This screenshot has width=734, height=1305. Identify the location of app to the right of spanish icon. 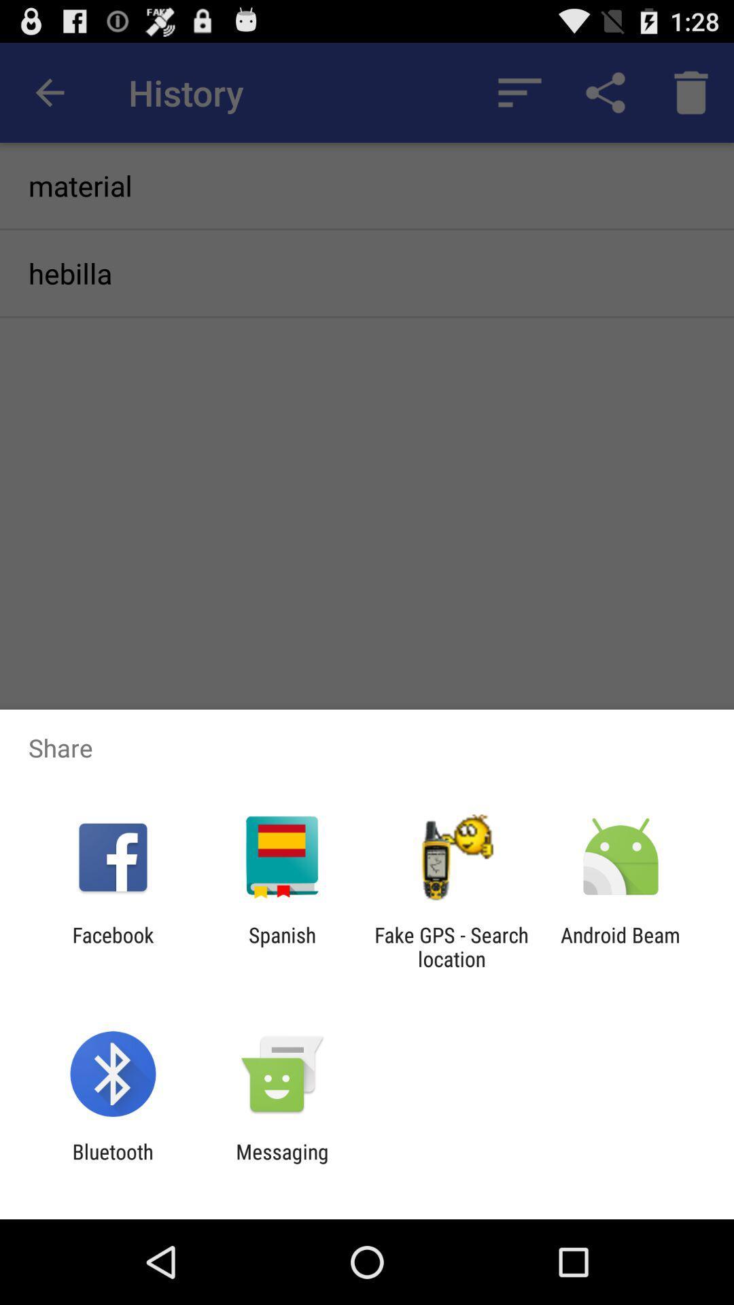
(451, 946).